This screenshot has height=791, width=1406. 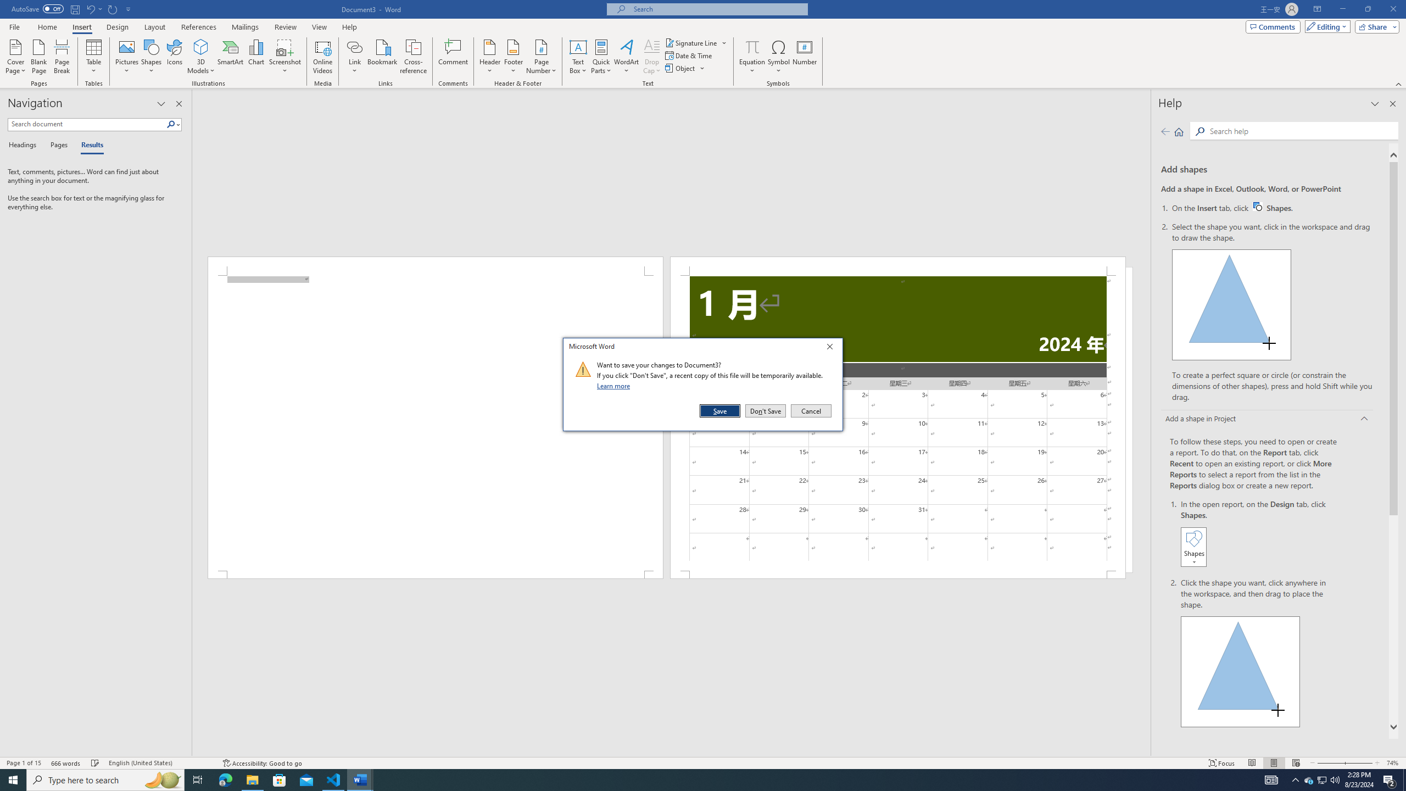 I want to click on 'File Tab', so click(x=14, y=26).